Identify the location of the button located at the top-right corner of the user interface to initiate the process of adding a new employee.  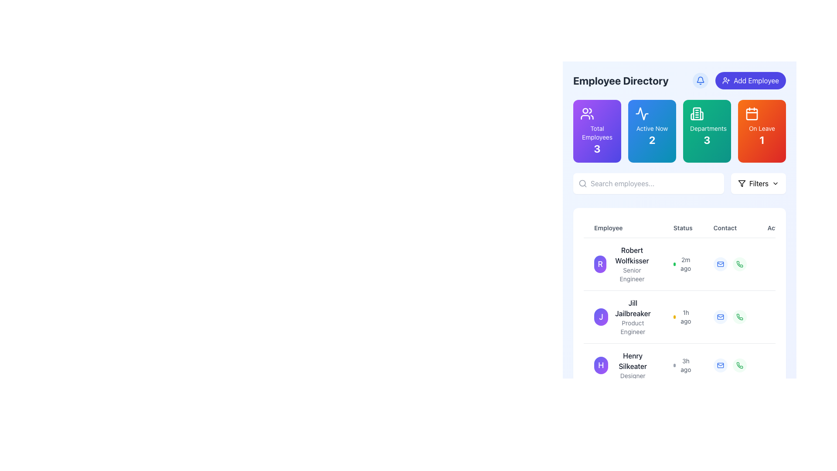
(750, 81).